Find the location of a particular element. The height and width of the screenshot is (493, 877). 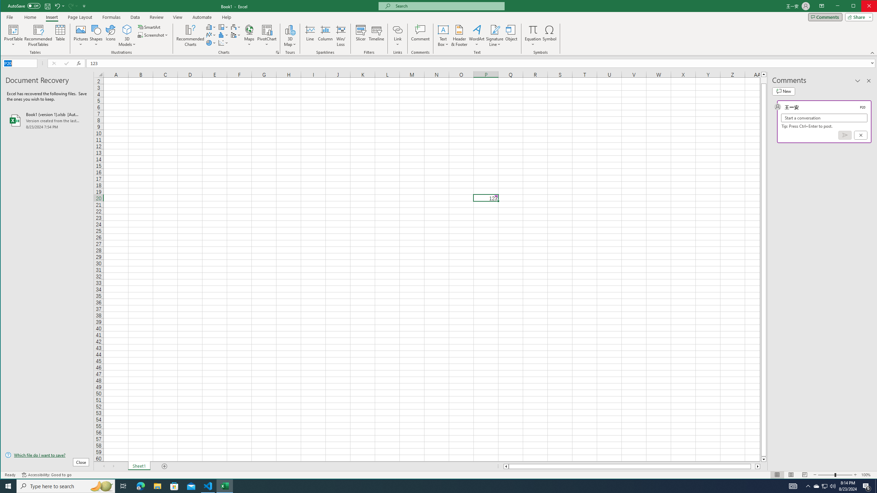

'Start' is located at coordinates (8, 485).